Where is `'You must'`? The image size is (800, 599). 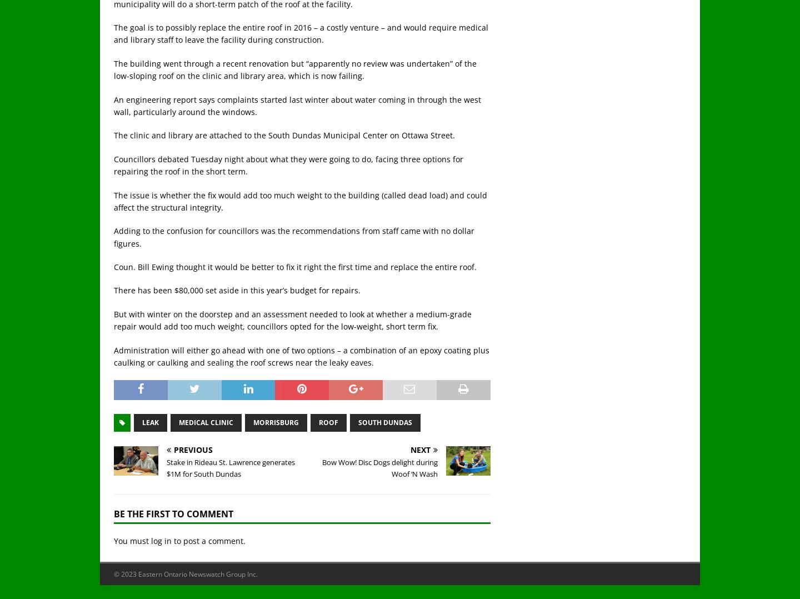 'You must' is located at coordinates (132, 541).